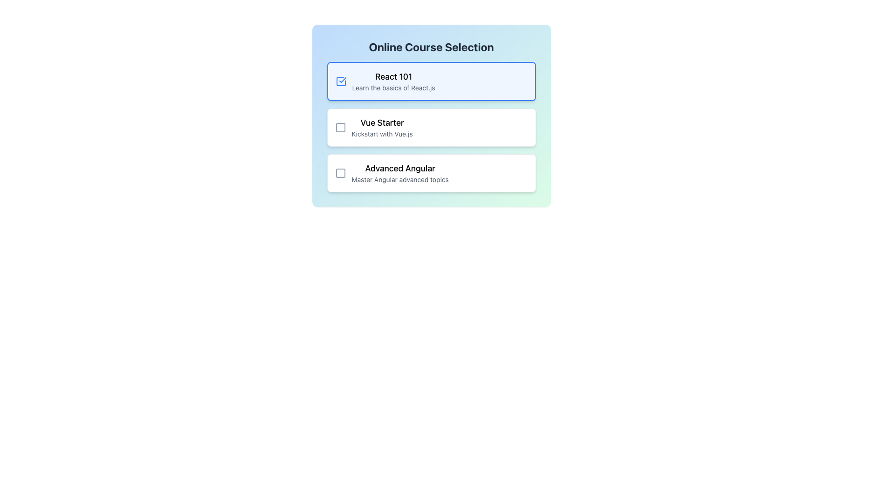 The width and height of the screenshot is (895, 503). What do you see at coordinates (340, 127) in the screenshot?
I see `the checkbox for 'Vue Starter'` at bounding box center [340, 127].